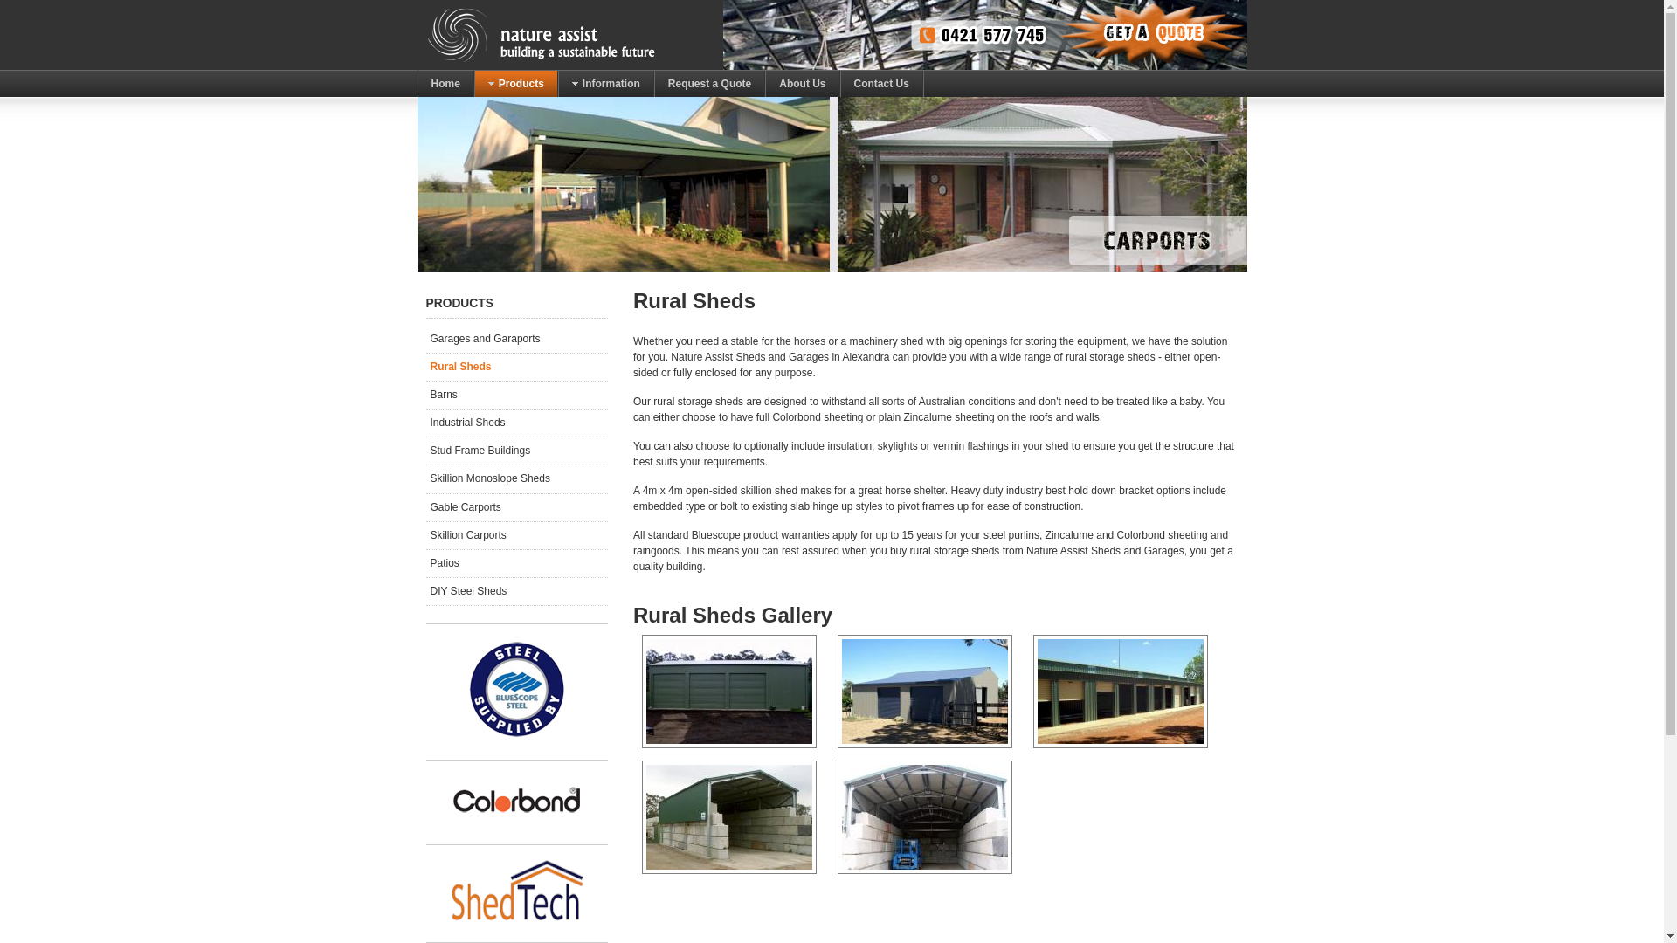 The width and height of the screenshot is (1677, 943). I want to click on 'About Us', so click(801, 84).